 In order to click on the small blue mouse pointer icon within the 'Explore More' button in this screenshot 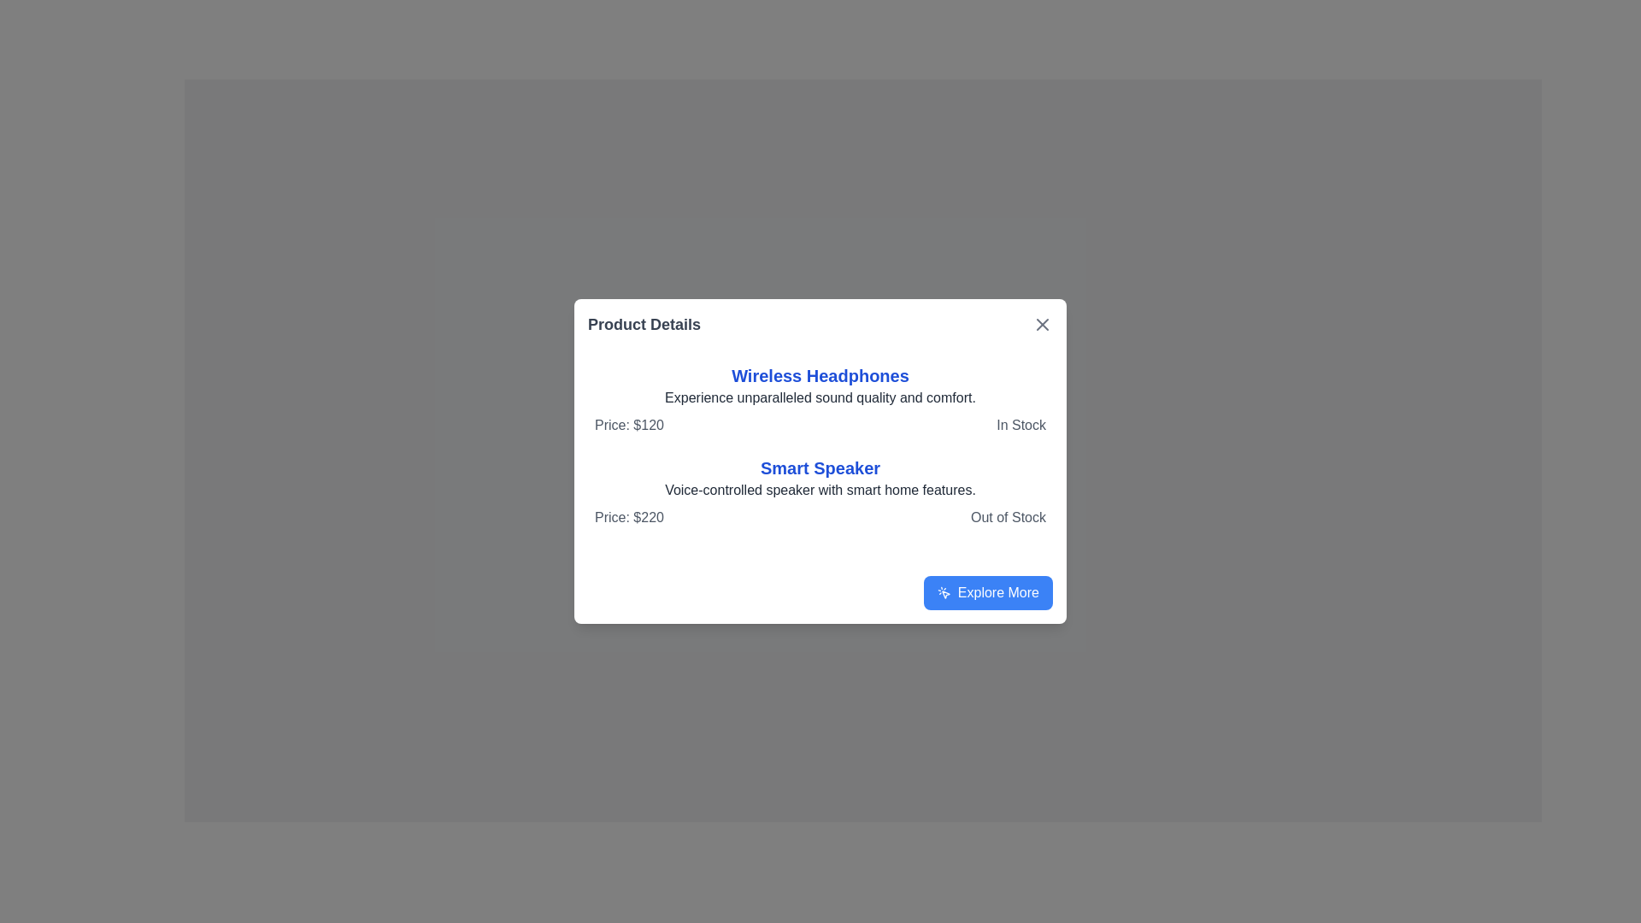, I will do `click(943, 592)`.